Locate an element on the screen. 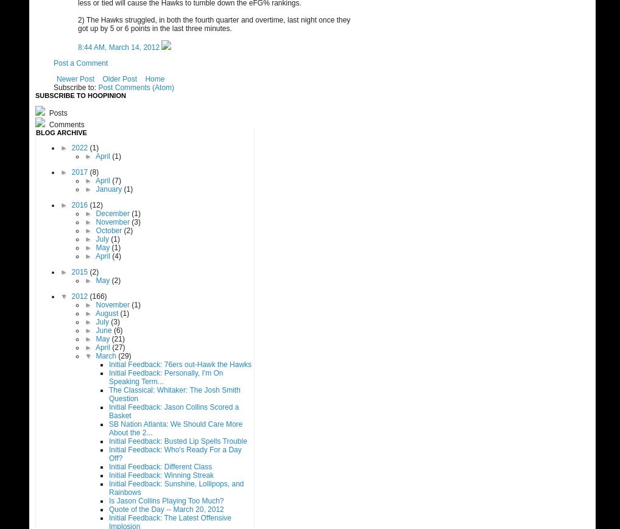 This screenshot has width=620, height=529. 'Post a Comment' is located at coordinates (80, 63).